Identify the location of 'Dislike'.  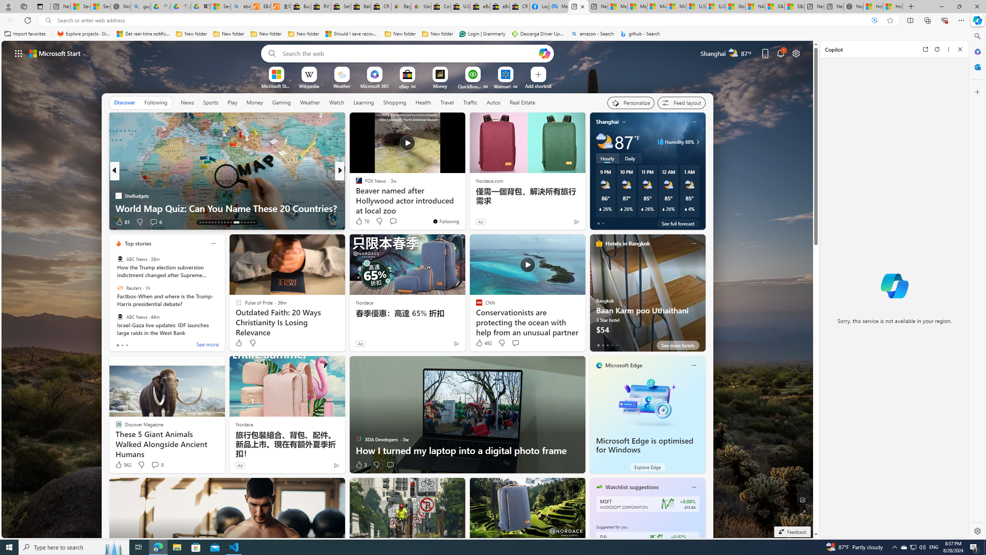
(376, 465).